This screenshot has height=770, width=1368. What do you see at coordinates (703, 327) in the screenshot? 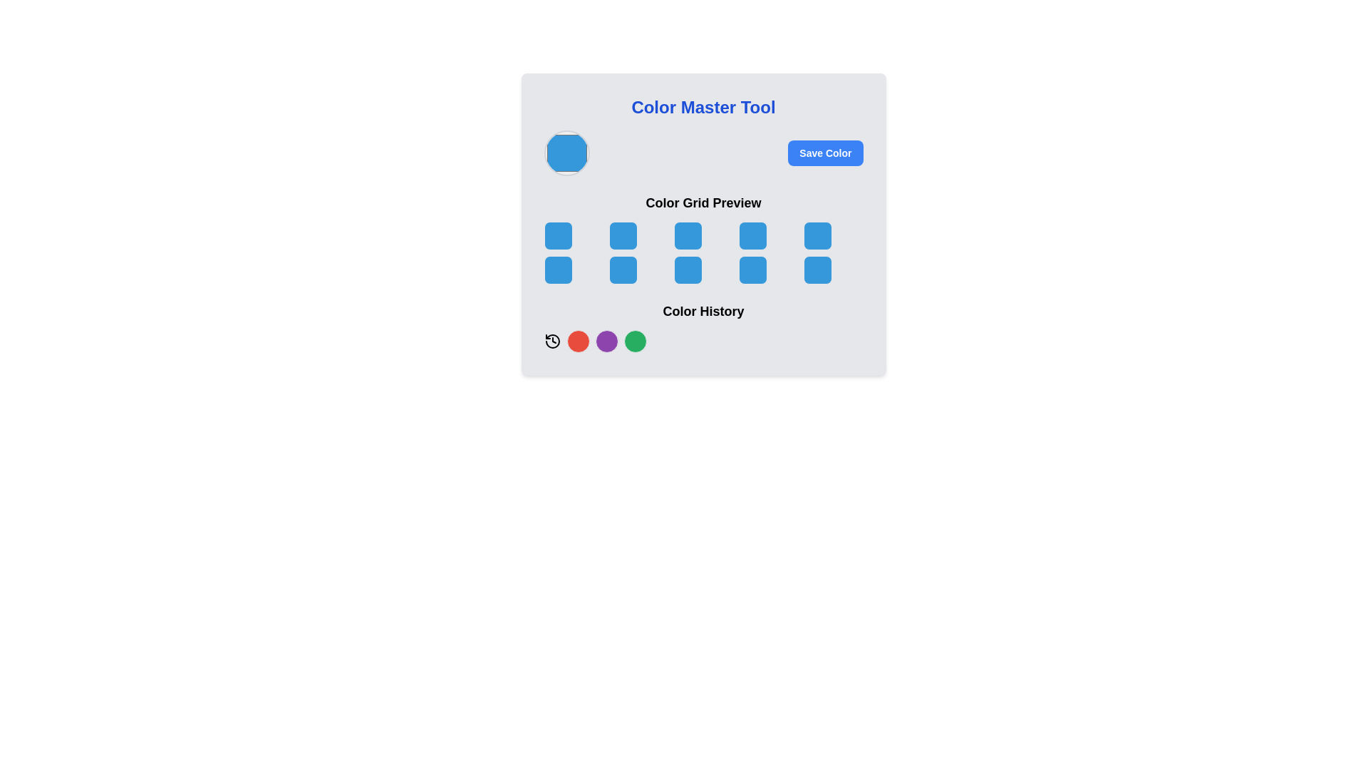
I see `the colored circles in the 'Color History' section to reapply selected colors, which are located below the 'Color Grid Preview' in the 'Color Master Tool' interface` at bounding box center [703, 327].